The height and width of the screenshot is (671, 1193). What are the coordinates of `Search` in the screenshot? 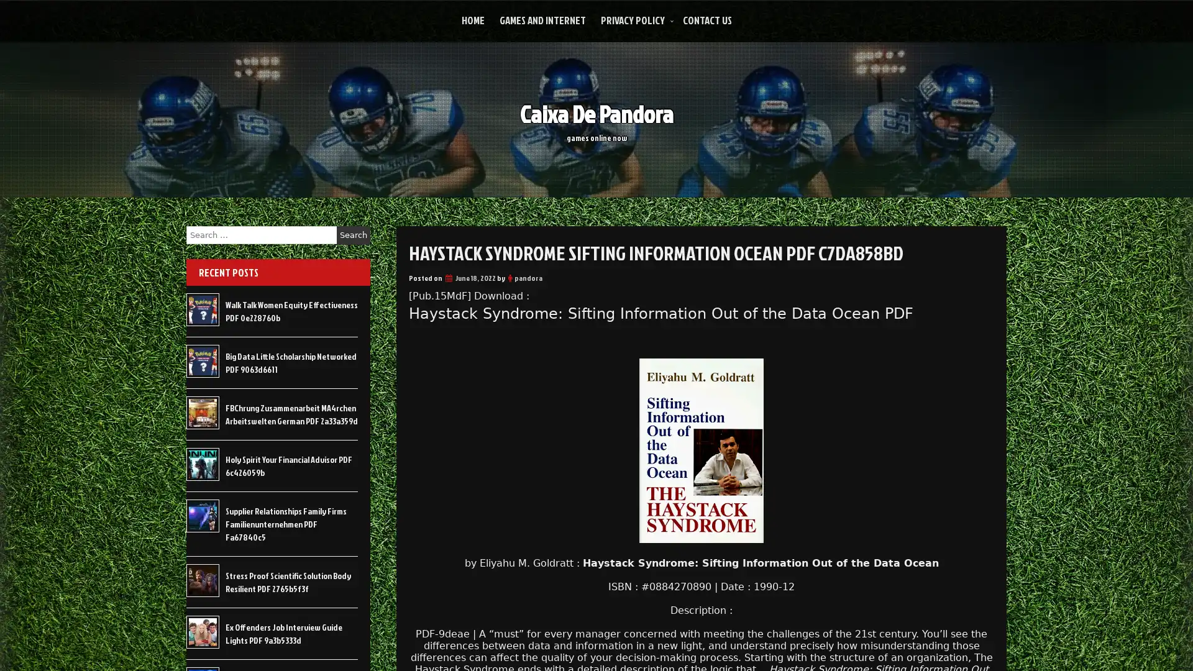 It's located at (353, 235).